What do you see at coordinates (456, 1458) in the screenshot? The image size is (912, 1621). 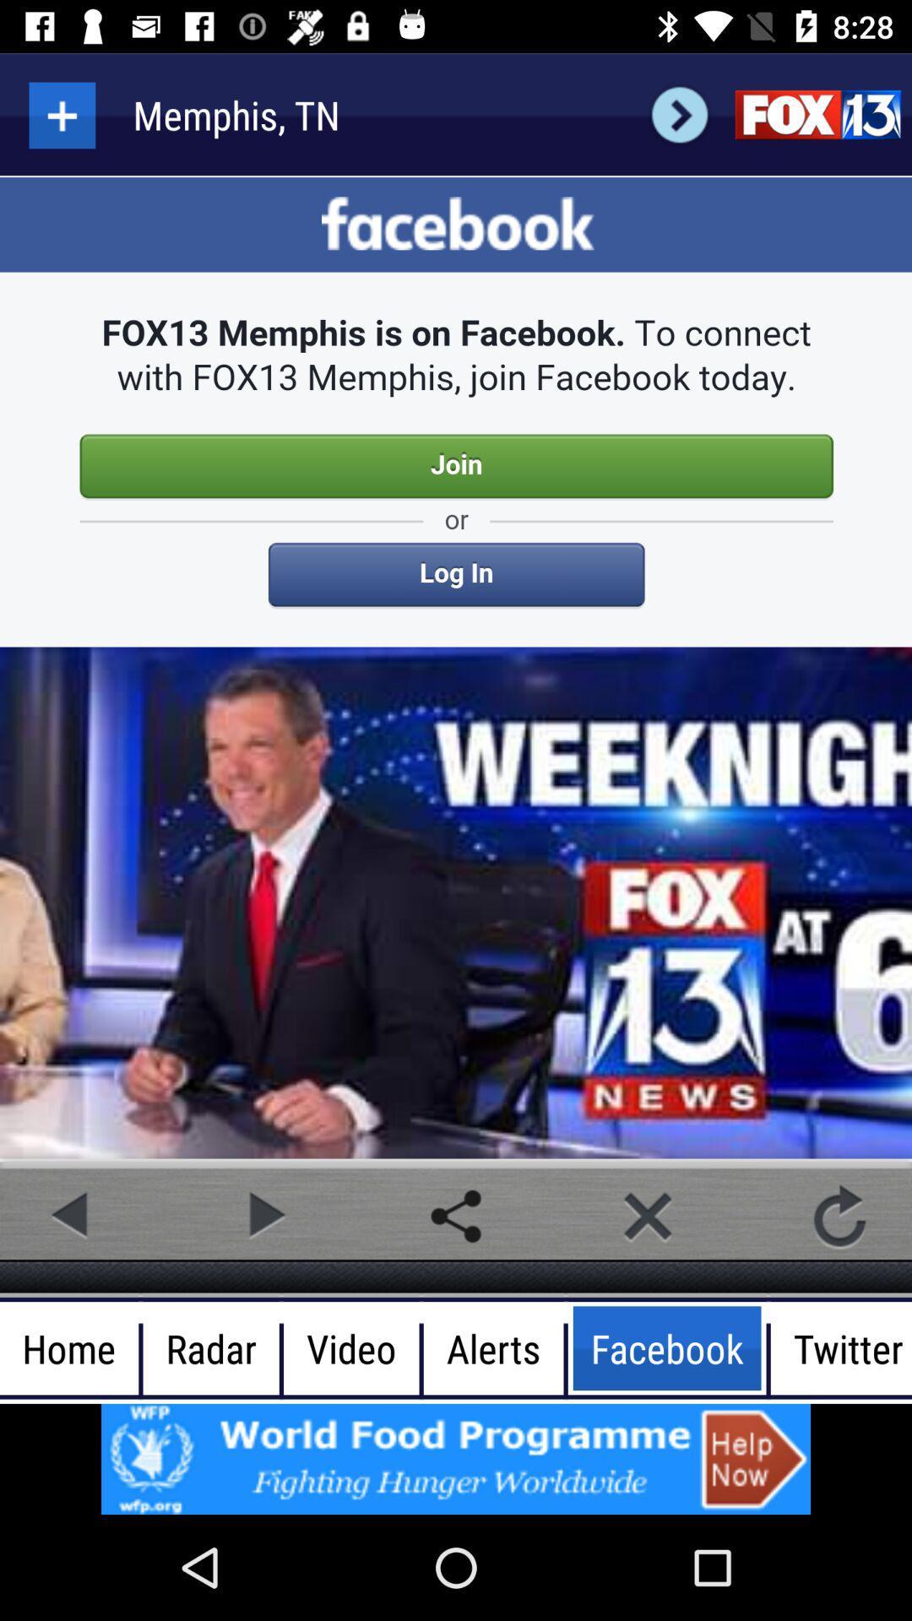 I see `the advertisement` at bounding box center [456, 1458].